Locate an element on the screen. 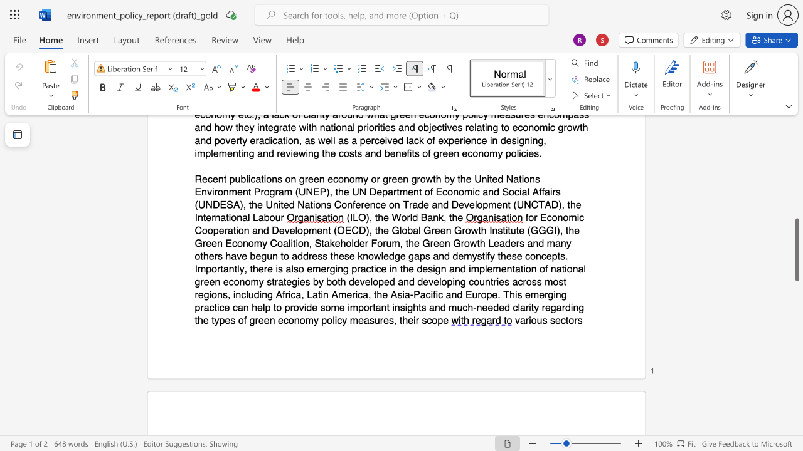  the scrollbar to scroll upward is located at coordinates (796, 155).